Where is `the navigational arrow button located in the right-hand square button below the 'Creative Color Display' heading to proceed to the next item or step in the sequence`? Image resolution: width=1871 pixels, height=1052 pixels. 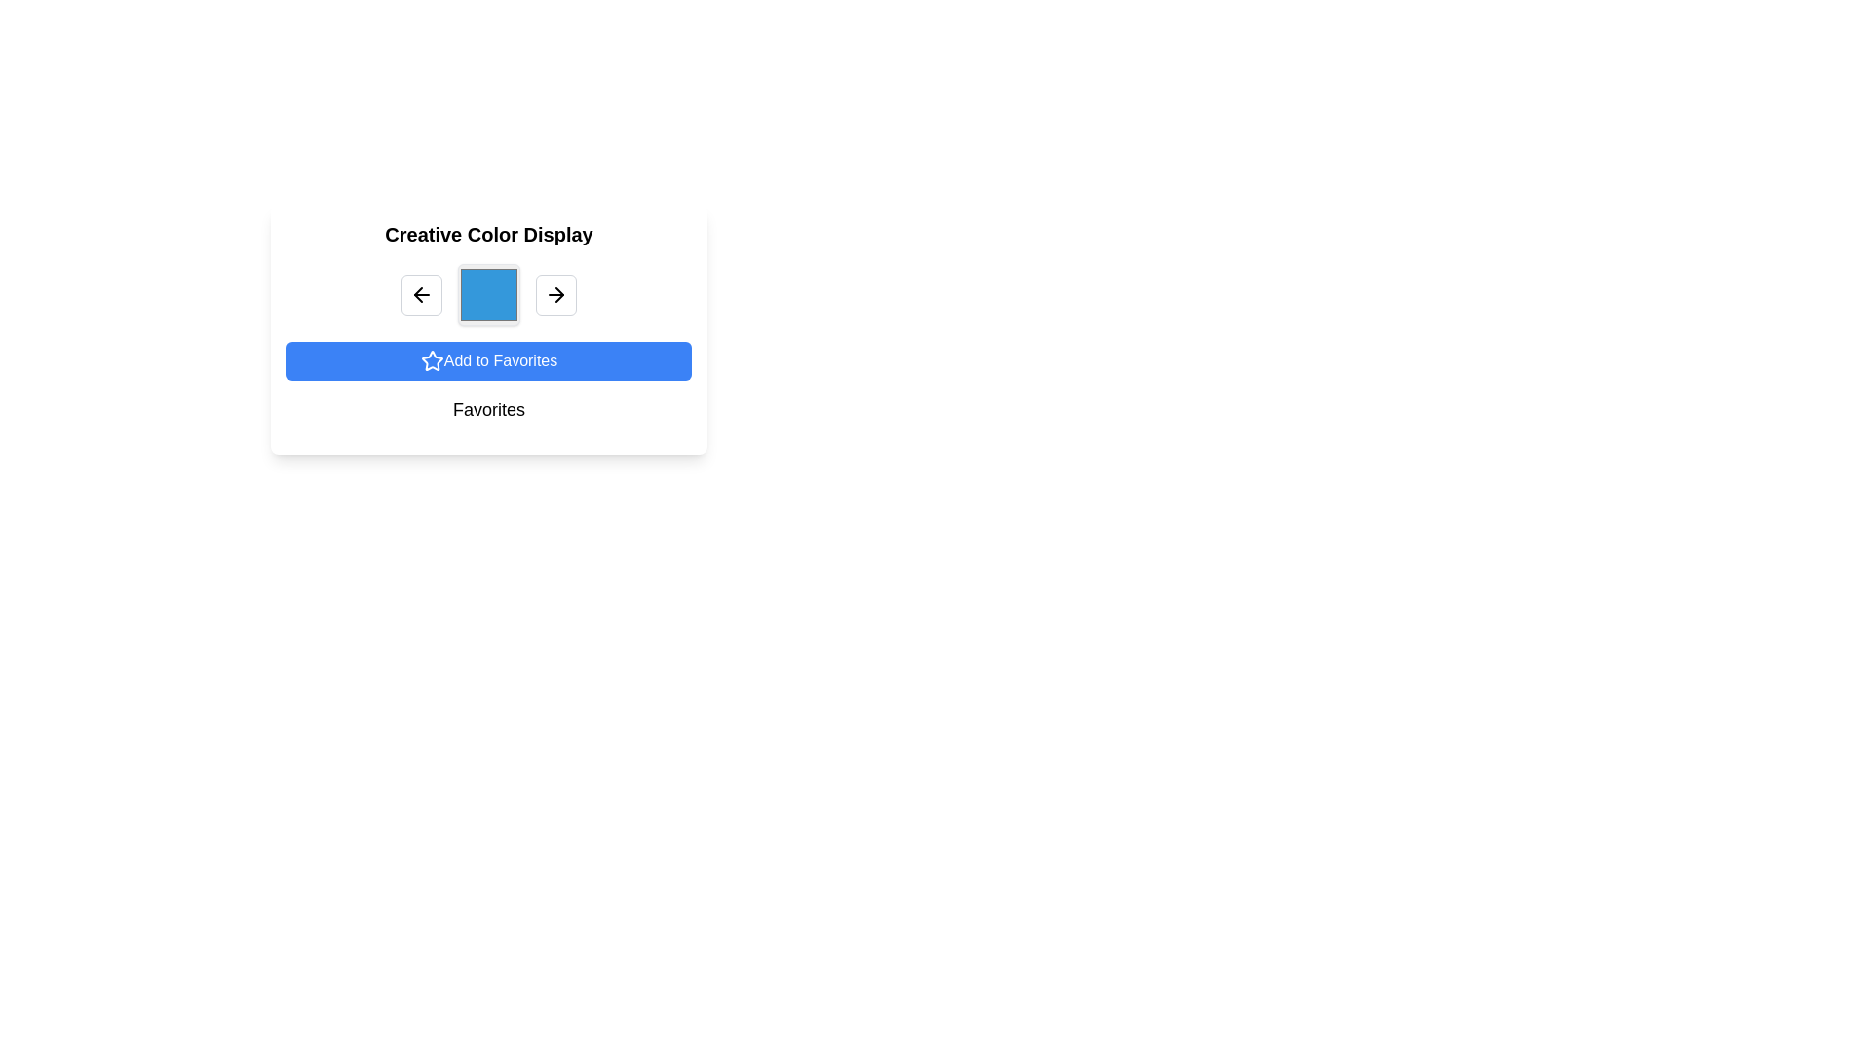
the navigational arrow button located in the right-hand square button below the 'Creative Color Display' heading to proceed to the next item or step in the sequence is located at coordinates (555, 295).